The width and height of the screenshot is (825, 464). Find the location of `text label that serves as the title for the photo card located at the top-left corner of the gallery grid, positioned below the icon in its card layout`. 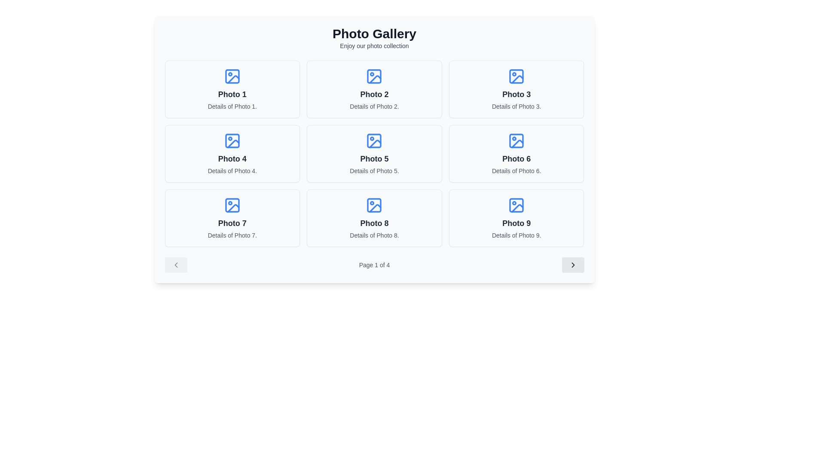

text label that serves as the title for the photo card located at the top-left corner of the gallery grid, positioned below the icon in its card layout is located at coordinates (232, 94).